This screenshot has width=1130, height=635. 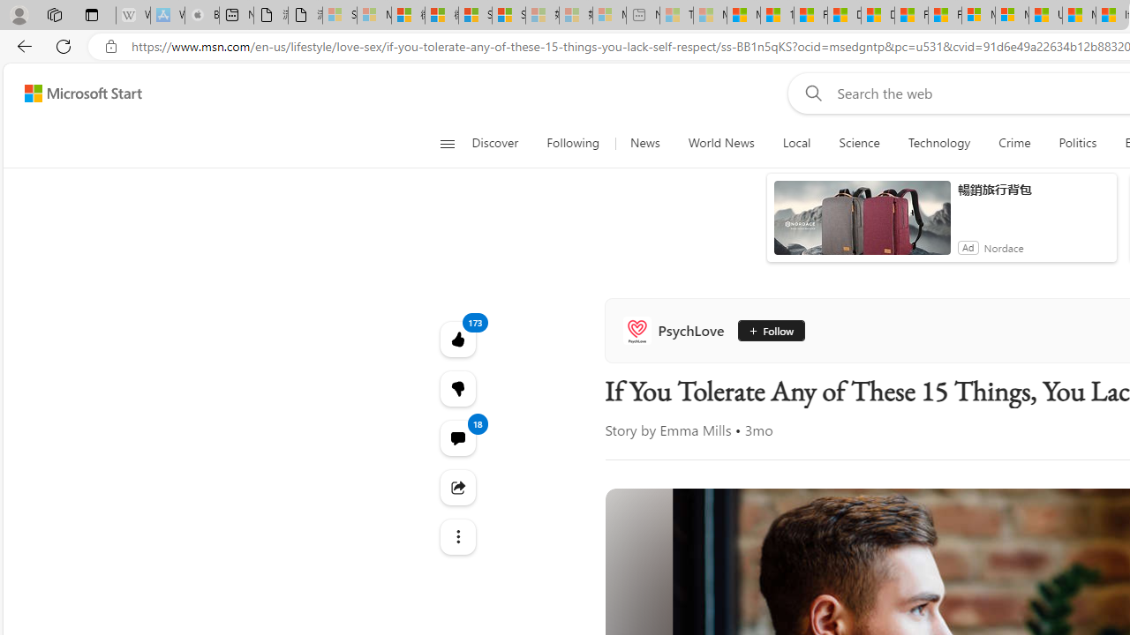 I want to click on 'PsychLove', so click(x=676, y=331).